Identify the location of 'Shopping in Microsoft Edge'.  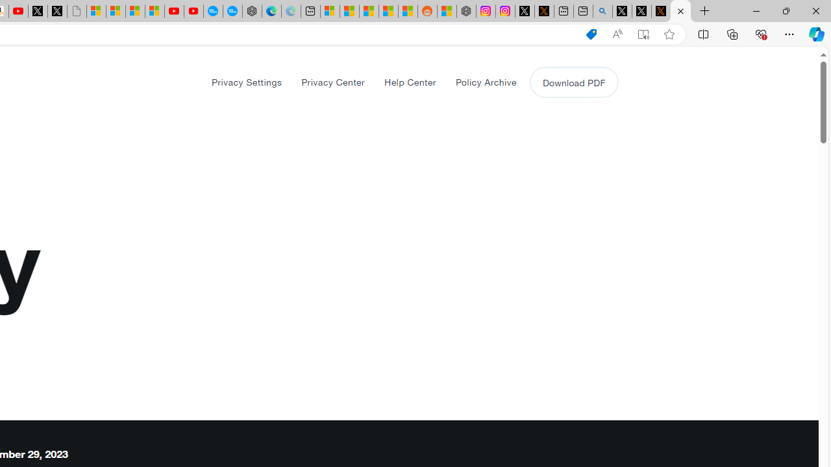
(590, 34).